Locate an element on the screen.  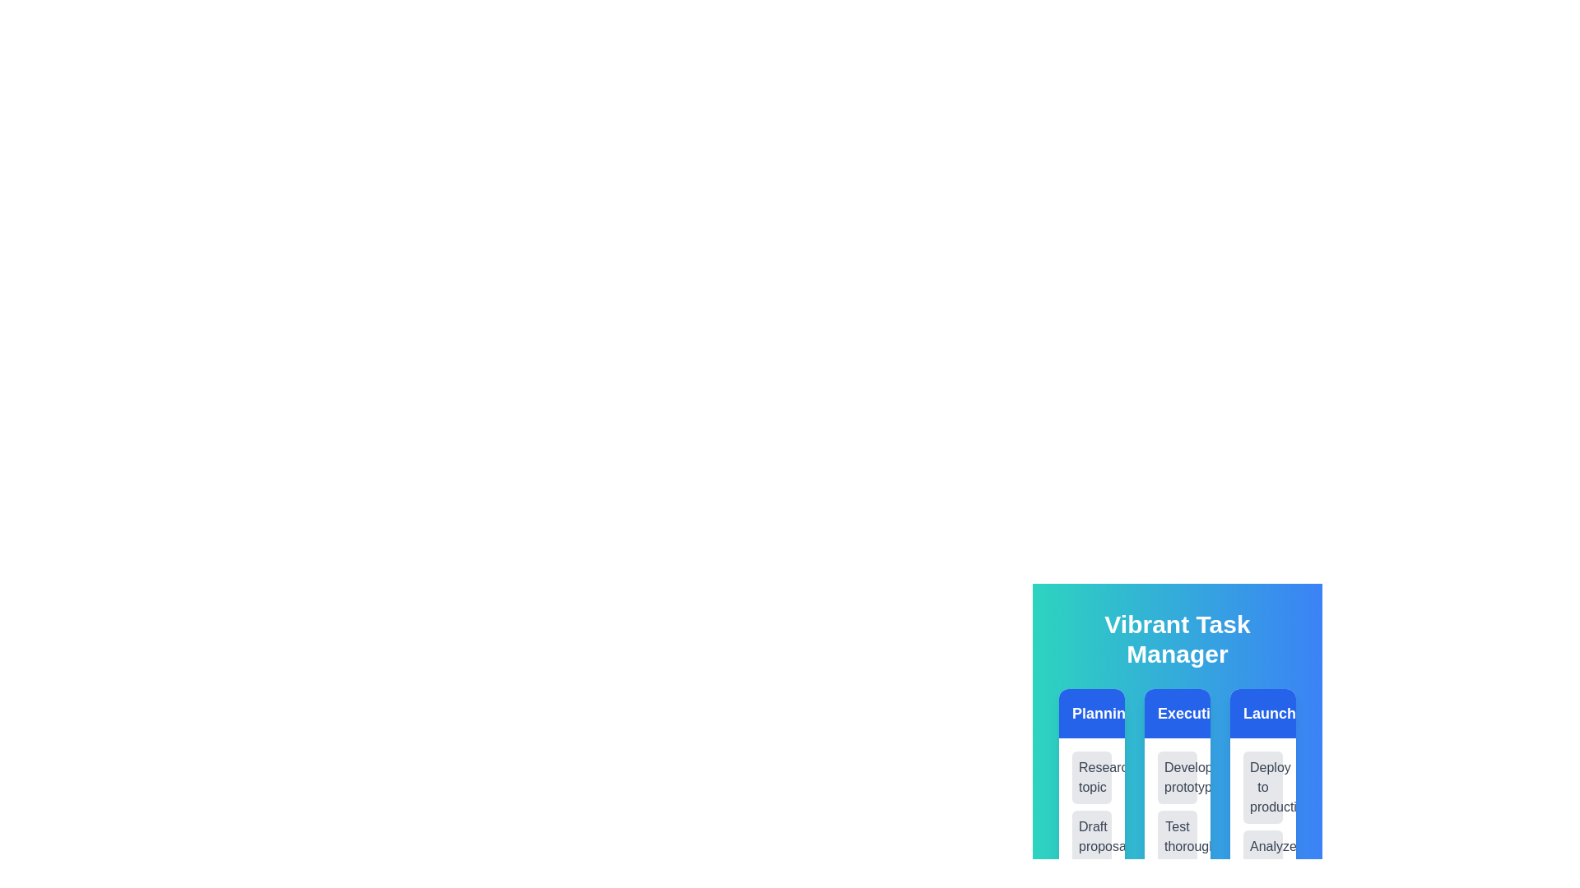
text from the middle item in the vertical stack of three elements inside the 'Execute' column, which is located between 'Develop prototype' and the 'Add Task' button is located at coordinates (1176, 837).